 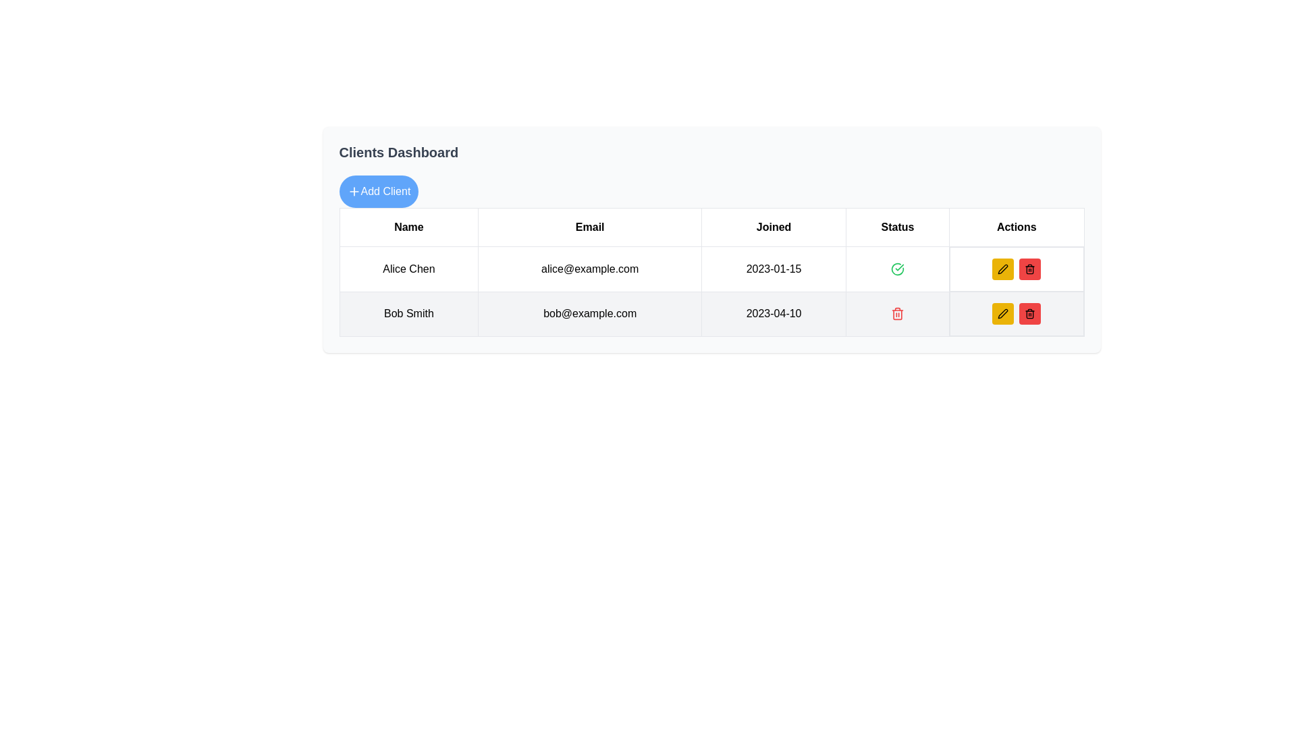 What do you see at coordinates (1029, 269) in the screenshot?
I see `the delete button in the Actions group for the 'Bob Smith' row` at bounding box center [1029, 269].